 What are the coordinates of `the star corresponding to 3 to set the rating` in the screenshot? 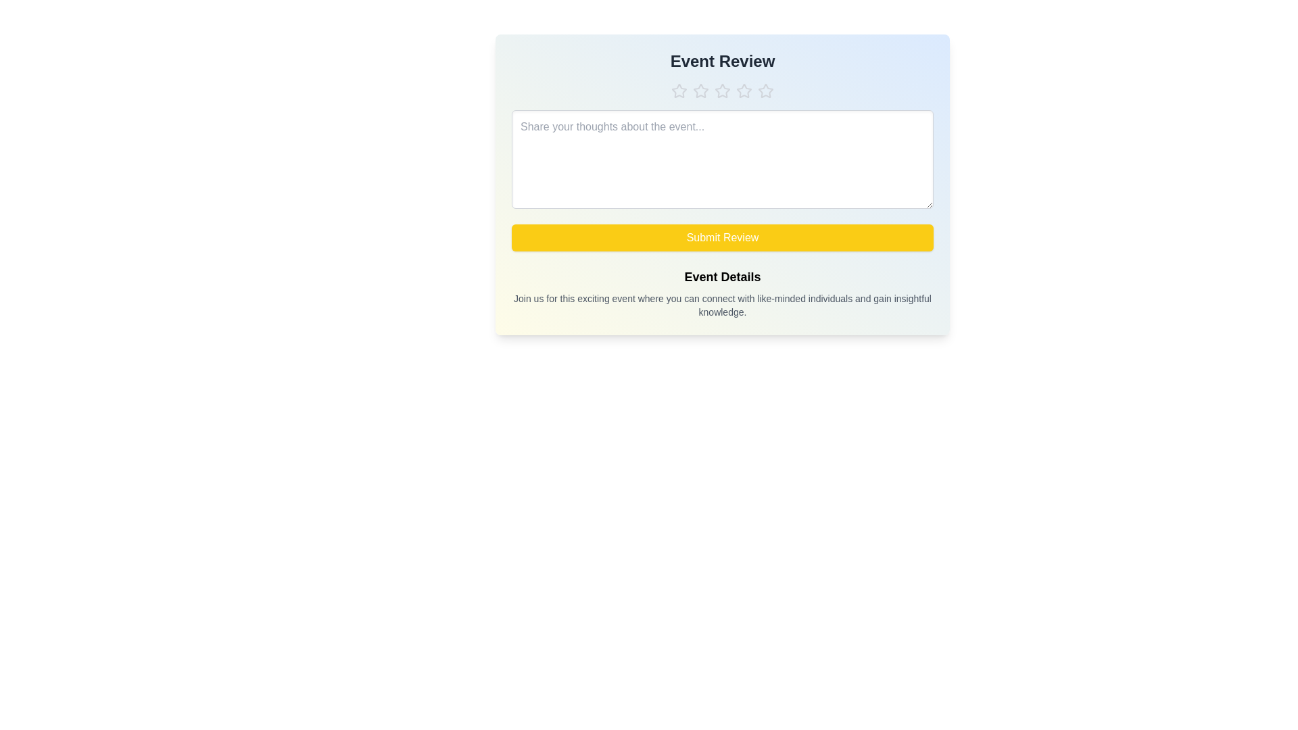 It's located at (722, 91).